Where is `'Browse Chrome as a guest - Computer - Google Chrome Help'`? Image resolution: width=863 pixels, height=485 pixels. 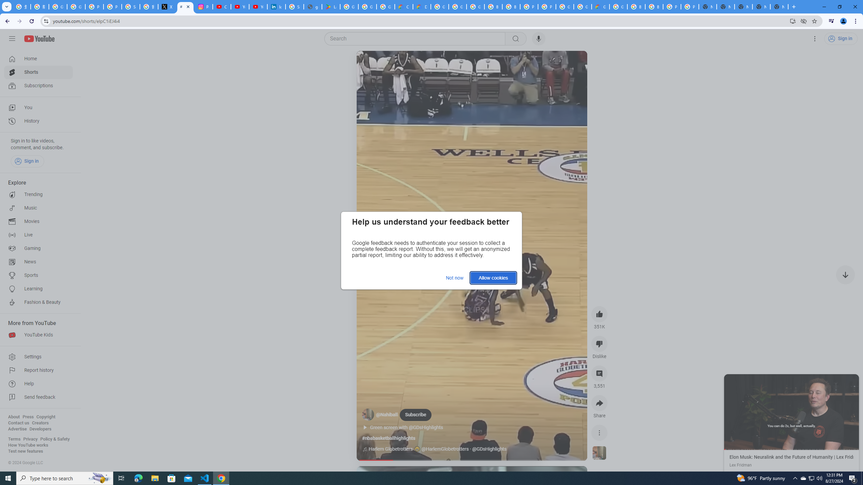
'Browse Chrome as a guest - Computer - Google Chrome Help' is located at coordinates (654, 6).